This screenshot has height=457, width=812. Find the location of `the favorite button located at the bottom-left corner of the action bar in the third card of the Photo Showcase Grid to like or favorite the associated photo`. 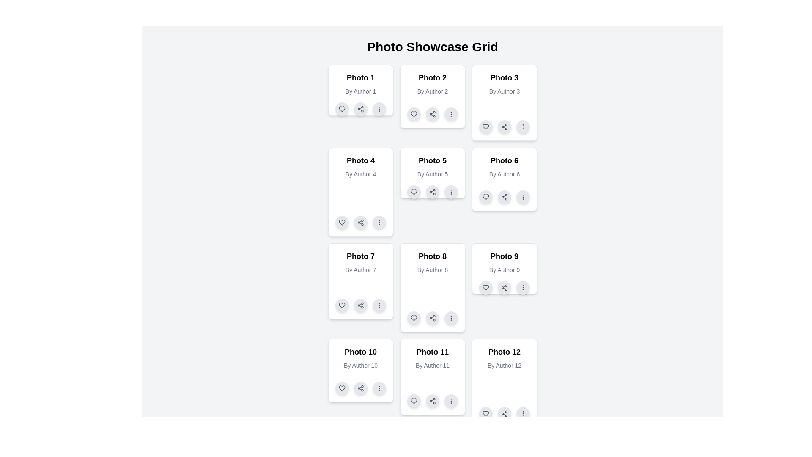

the favorite button located at the bottom-left corner of the action bar in the third card of the Photo Showcase Grid to like or favorite the associated photo is located at coordinates (486, 127).